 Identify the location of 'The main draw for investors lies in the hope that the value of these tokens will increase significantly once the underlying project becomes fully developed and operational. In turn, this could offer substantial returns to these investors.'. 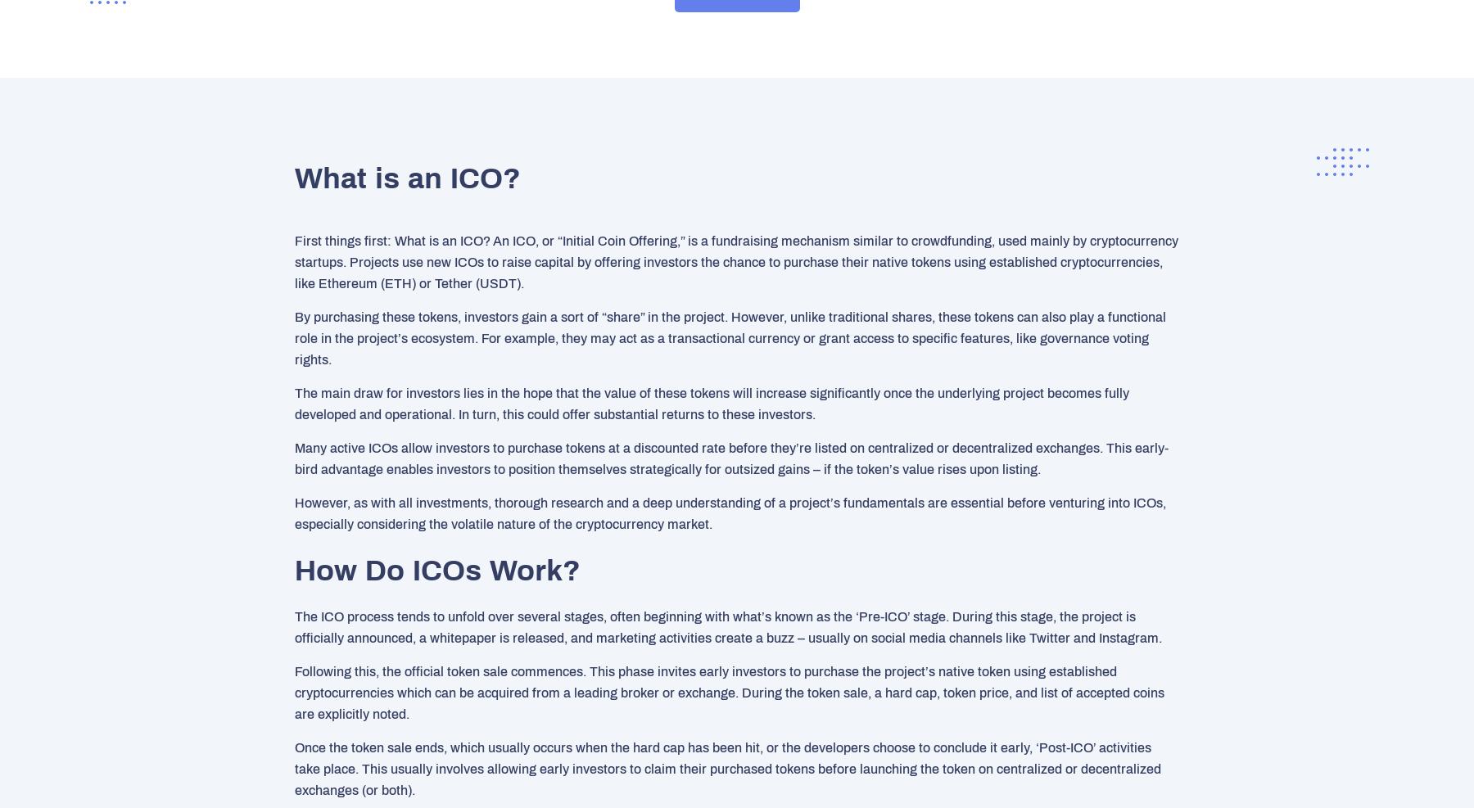
(712, 402).